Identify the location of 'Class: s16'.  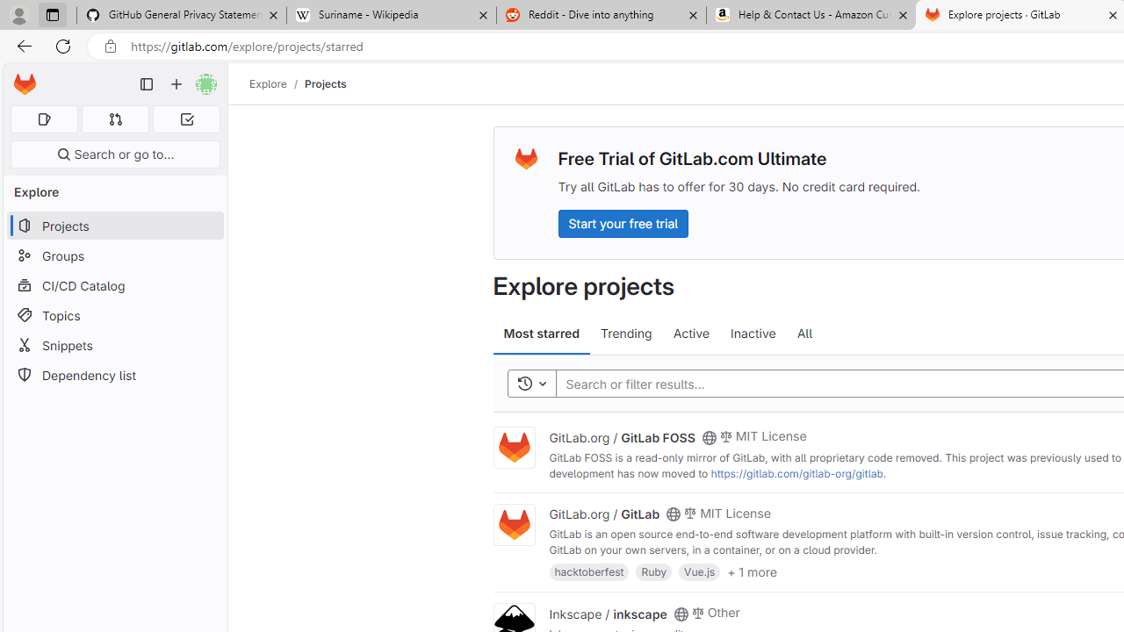
(680, 613).